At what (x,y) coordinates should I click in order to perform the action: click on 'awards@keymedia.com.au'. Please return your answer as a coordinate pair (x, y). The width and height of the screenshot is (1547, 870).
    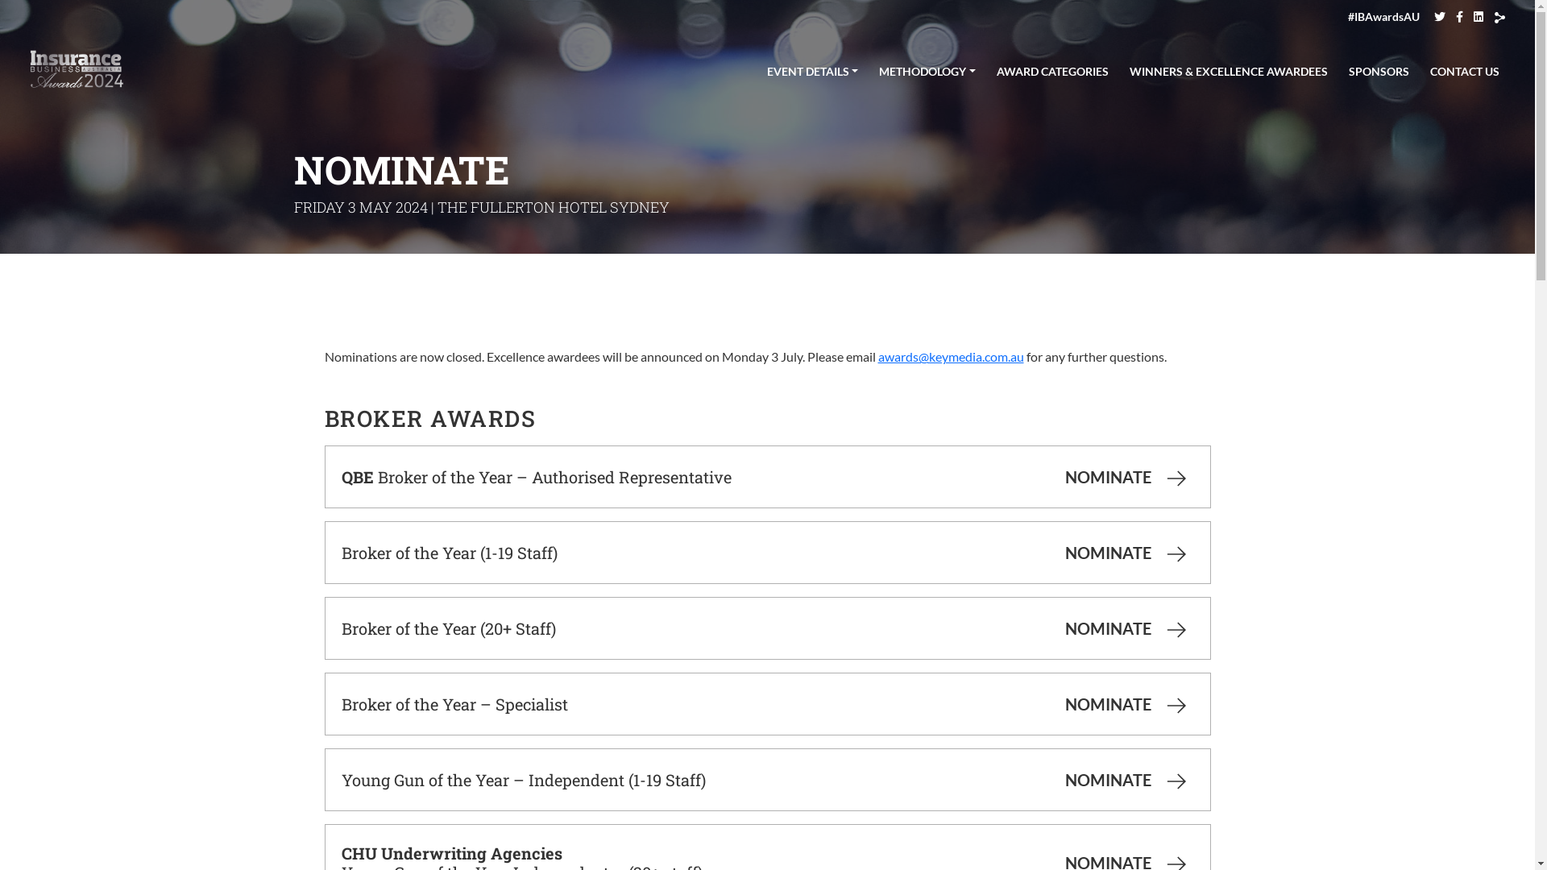
    Looking at the image, I should click on (951, 355).